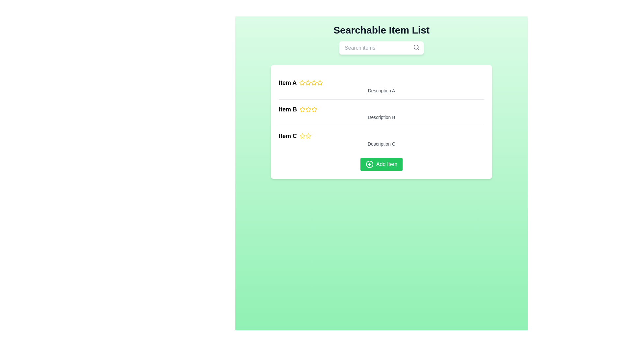 This screenshot has height=355, width=632. What do you see at coordinates (305, 135) in the screenshot?
I see `the second star icon, which is yellow and part of a series of star icons located to the right of the 'Item C' label in the bottom row of the list` at bounding box center [305, 135].